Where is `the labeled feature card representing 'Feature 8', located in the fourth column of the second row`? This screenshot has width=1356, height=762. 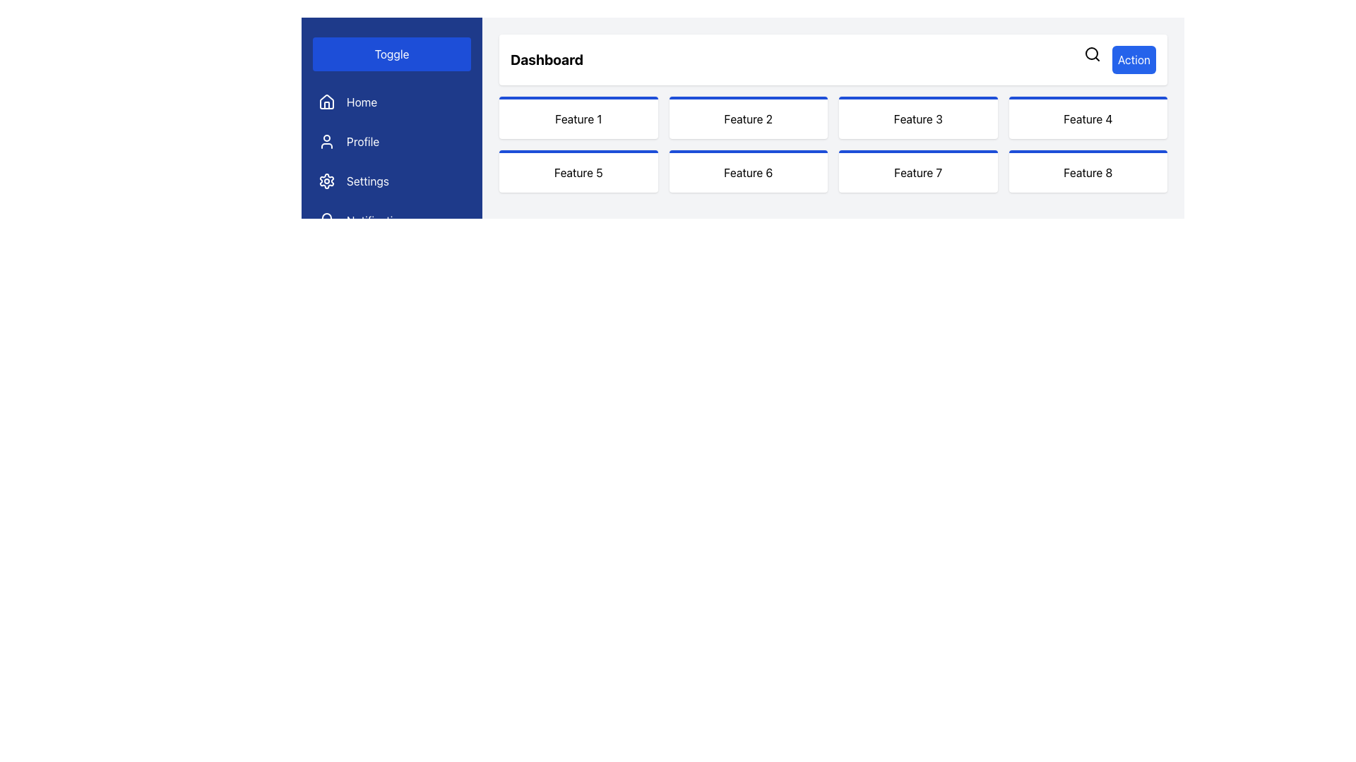
the labeled feature card representing 'Feature 8', located in the fourth column of the second row is located at coordinates (1087, 171).